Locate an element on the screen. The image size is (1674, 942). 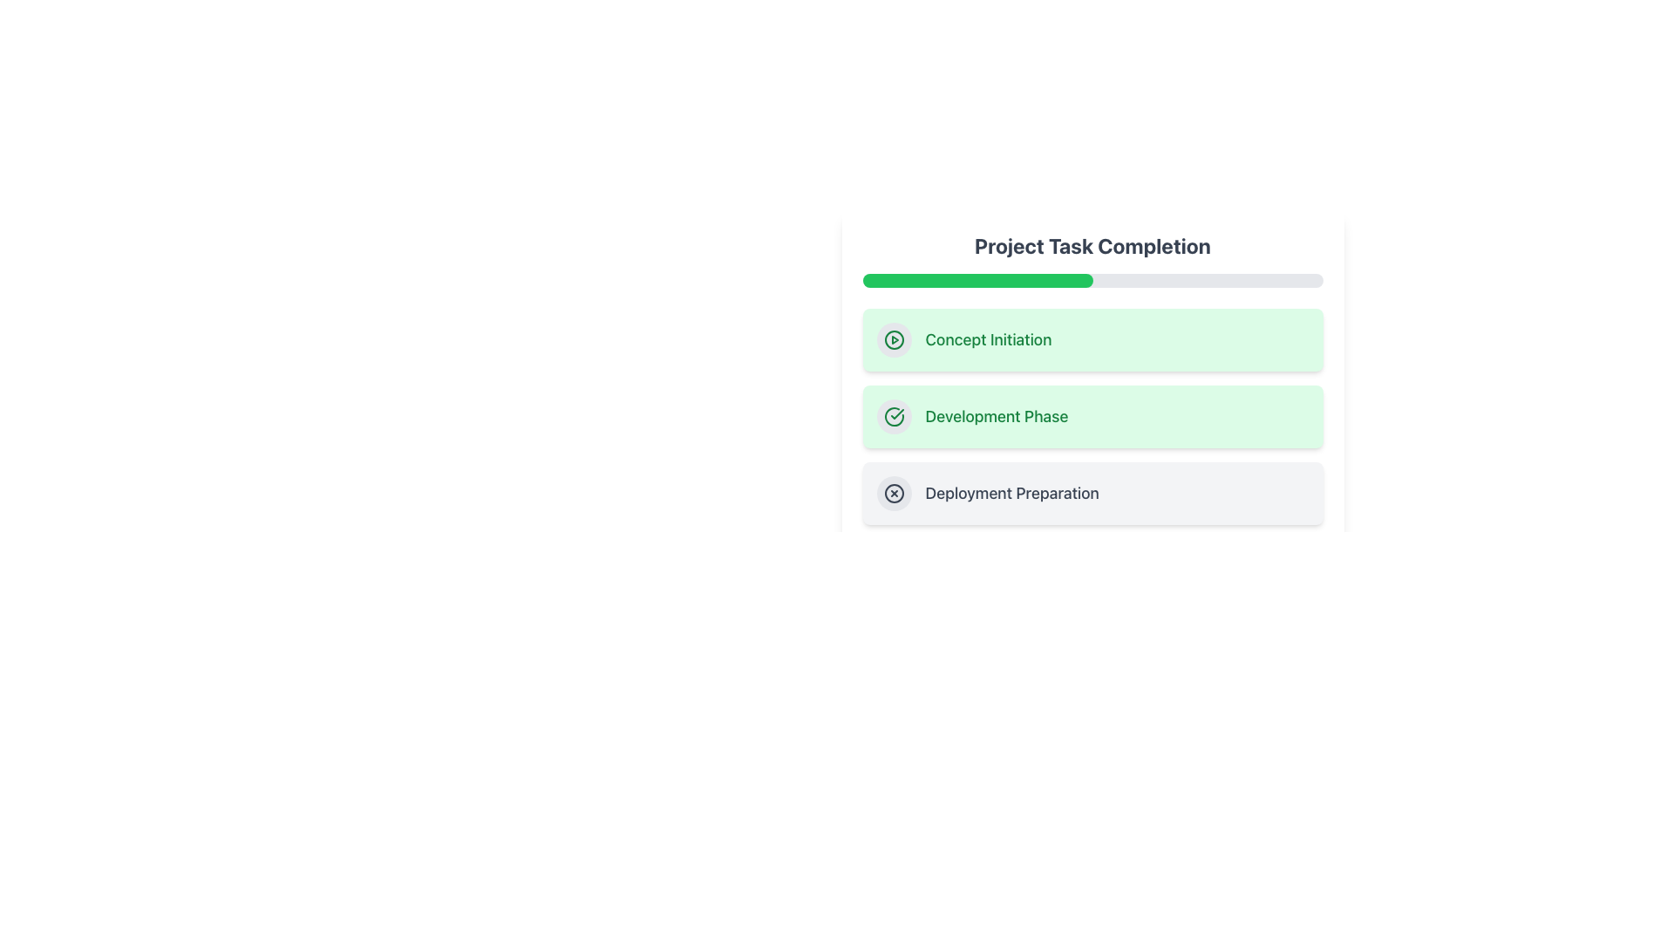
the 'Development Phase' step indicator in the 'Project Task Completion' tracker, which is the second item in the vertical list of task indicators is located at coordinates (1092, 417).